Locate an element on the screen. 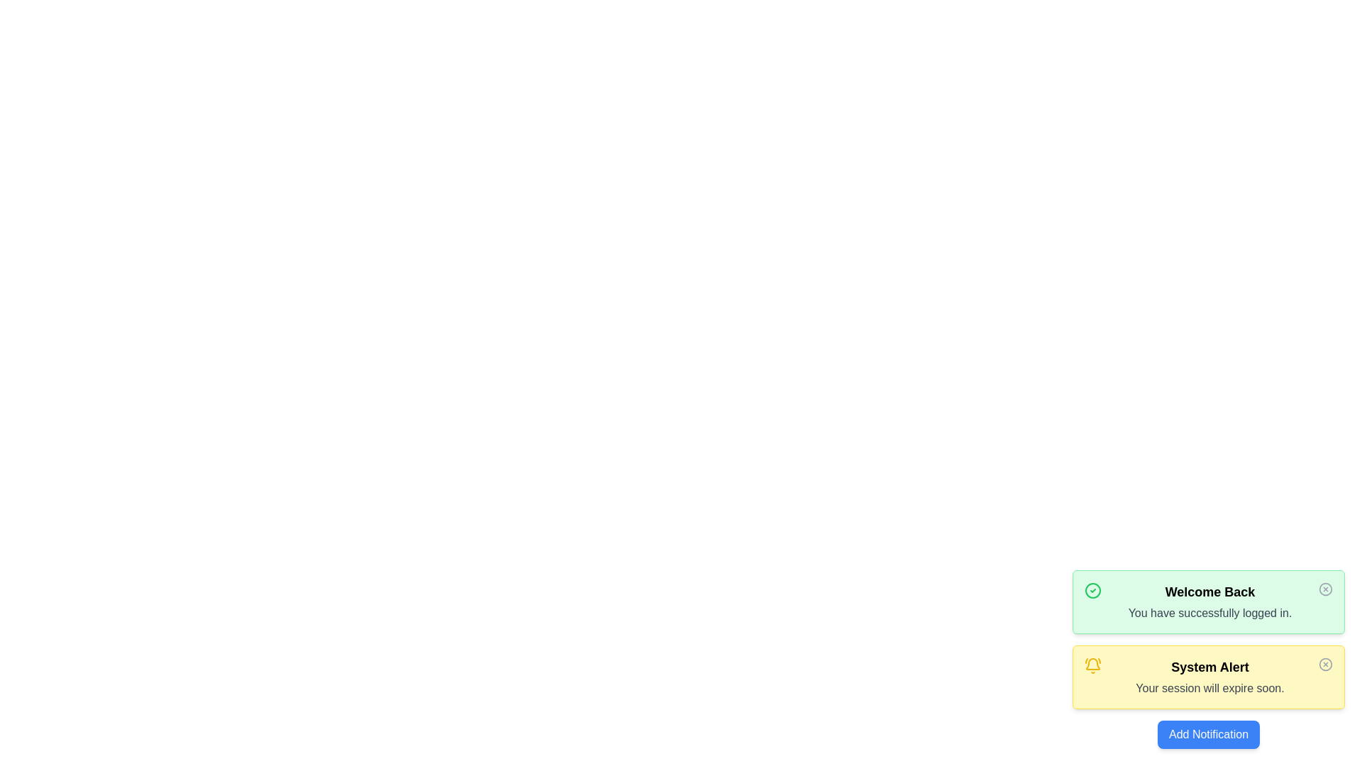 This screenshot has width=1362, height=766. the Circle SVG graphical element that is part of the 'Welcome Back' notification icon, located to the left of the text is located at coordinates (1092, 591).